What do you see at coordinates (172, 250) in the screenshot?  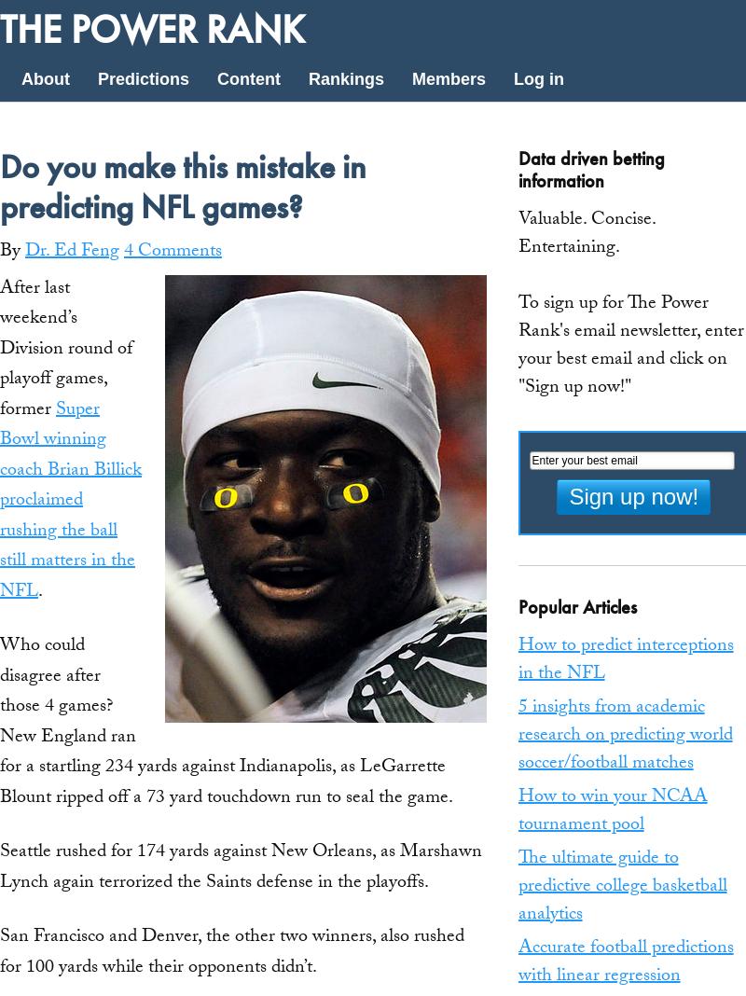 I see `'4 Comments'` at bounding box center [172, 250].